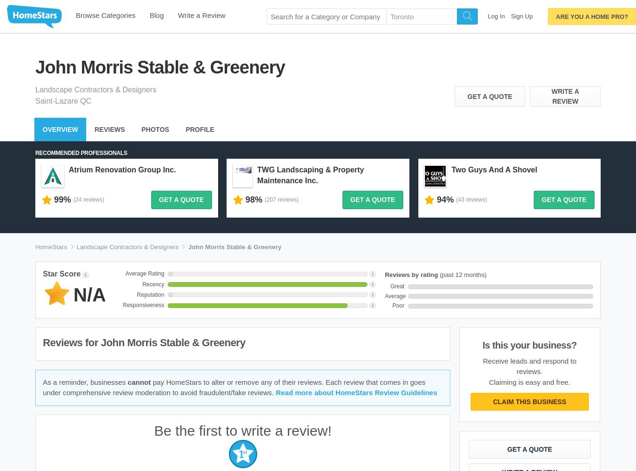 Image resolution: width=636 pixels, height=471 pixels. What do you see at coordinates (58, 200) in the screenshot?
I see `'99'` at bounding box center [58, 200].